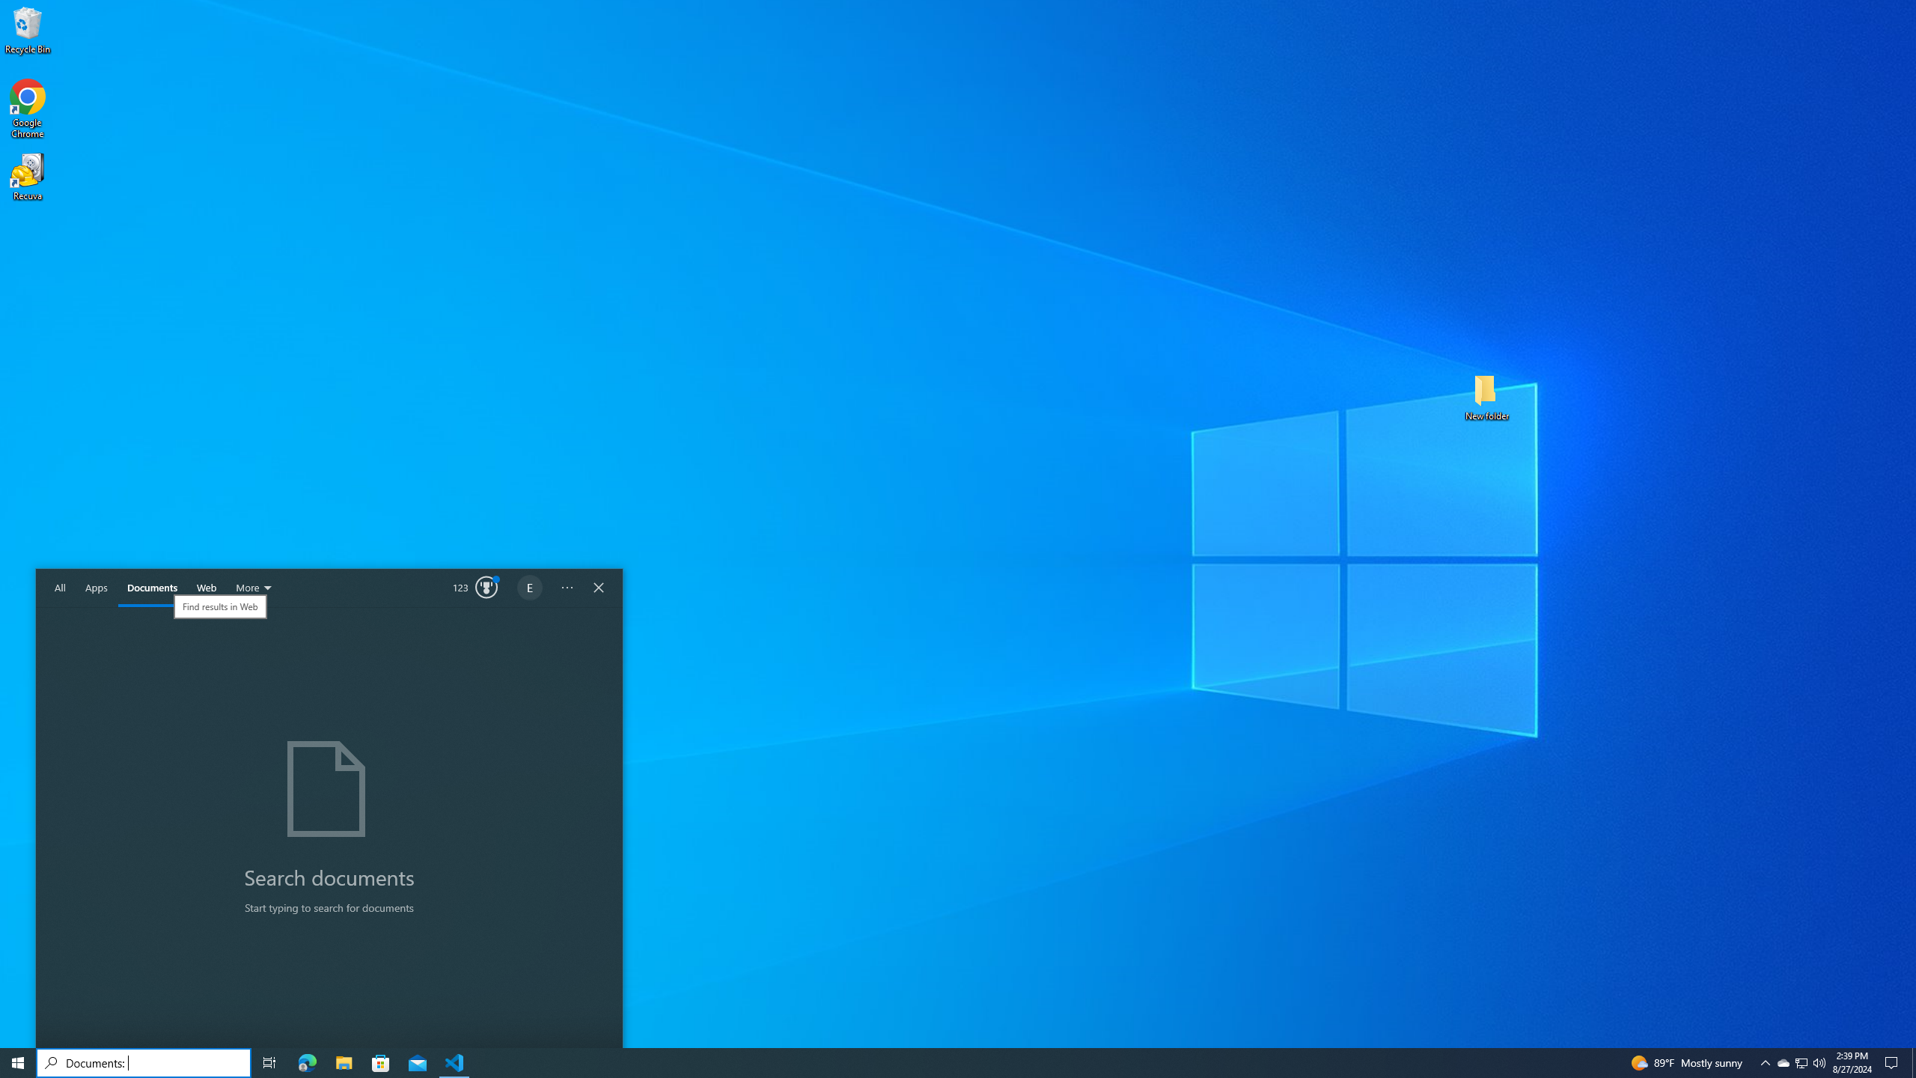 This screenshot has width=1916, height=1078. I want to click on 'Apps', so click(97, 588).